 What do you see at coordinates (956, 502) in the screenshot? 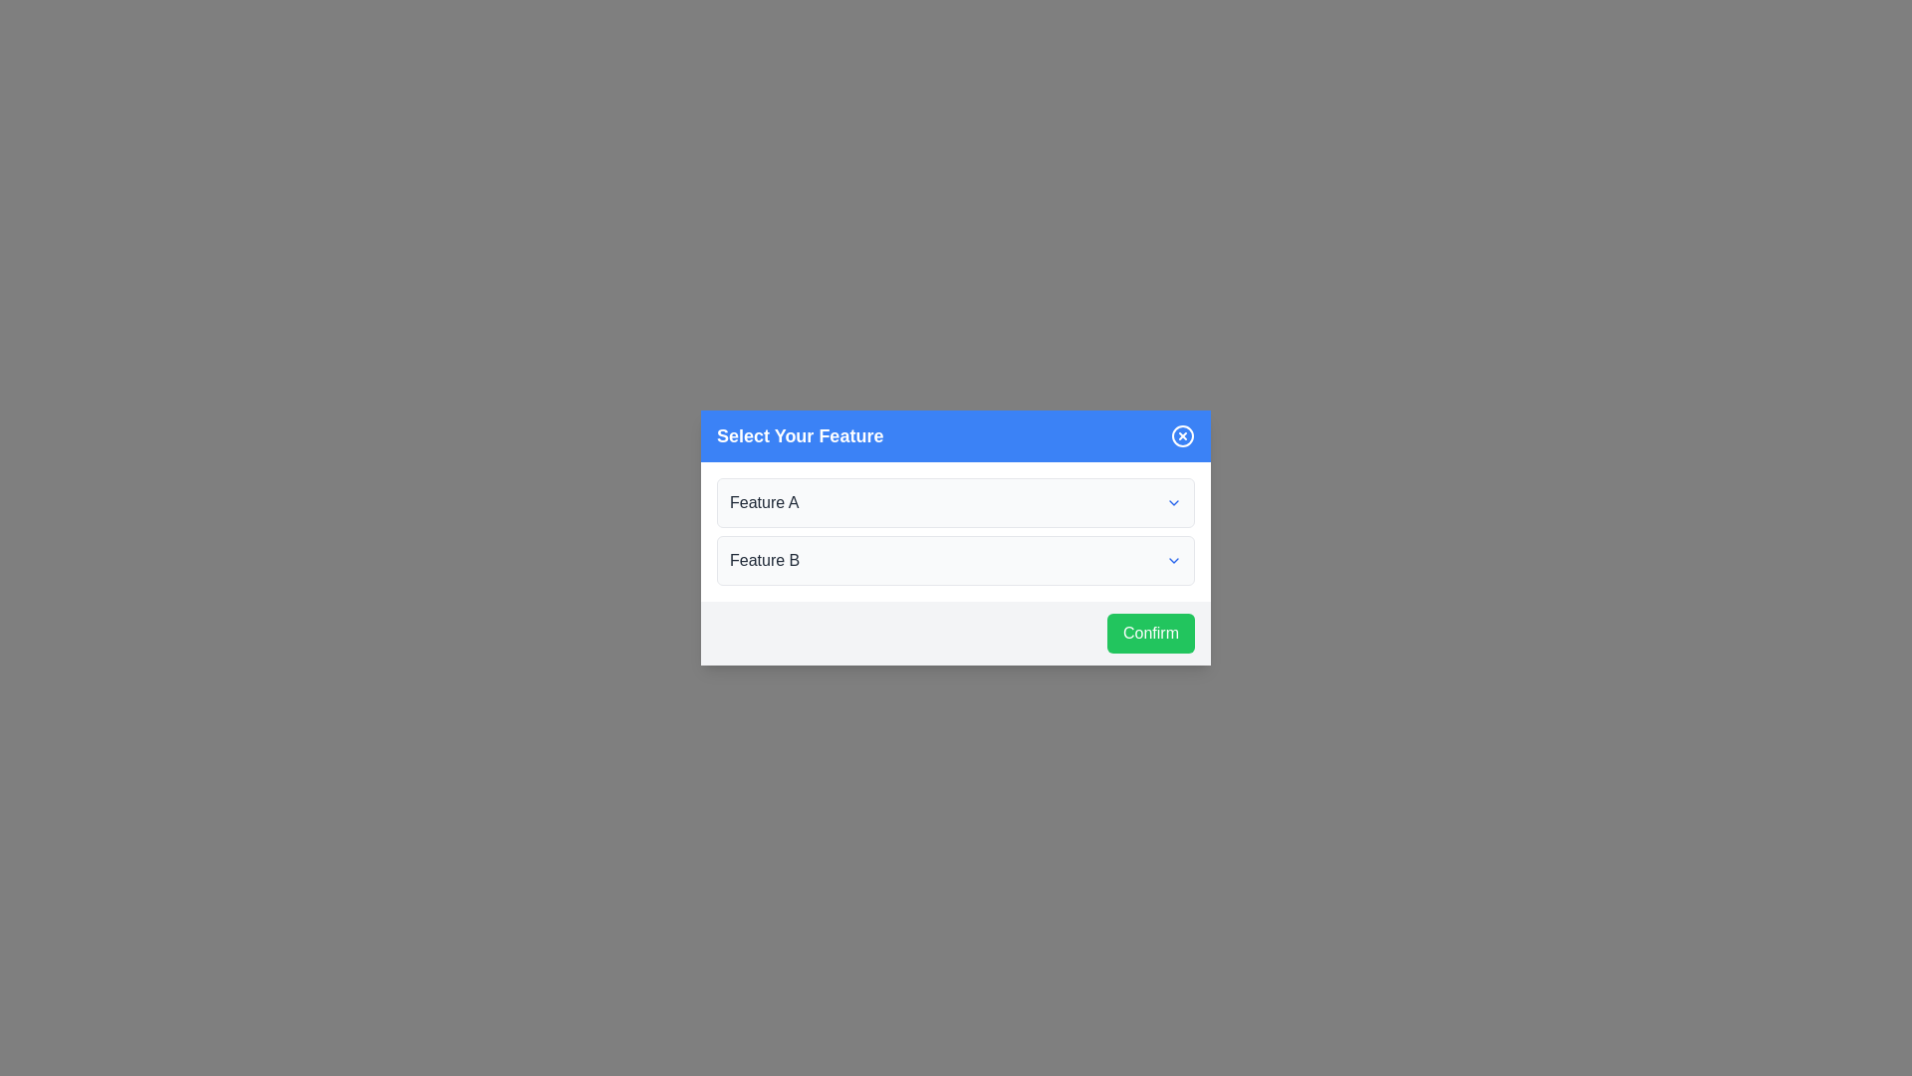
I see `the 'Feature A' dropdown menu item with a downward-facing arrow in the 'Select Your Feature' dialog` at bounding box center [956, 502].